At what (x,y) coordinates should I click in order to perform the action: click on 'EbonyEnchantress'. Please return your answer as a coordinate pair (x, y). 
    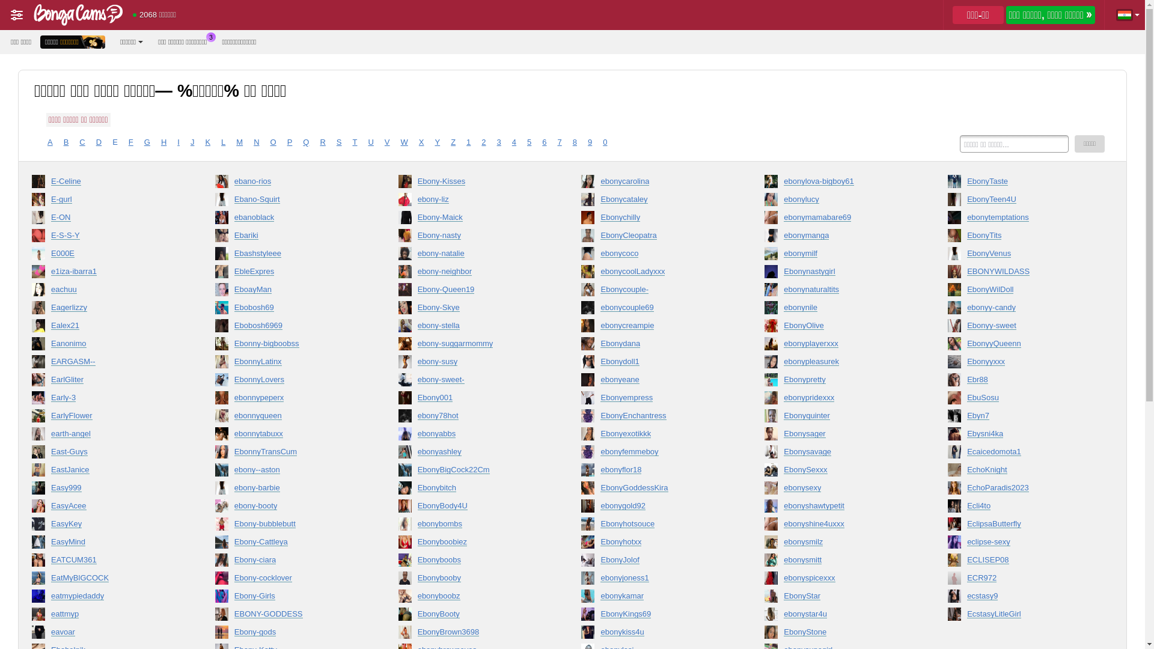
    Looking at the image, I should click on (655, 417).